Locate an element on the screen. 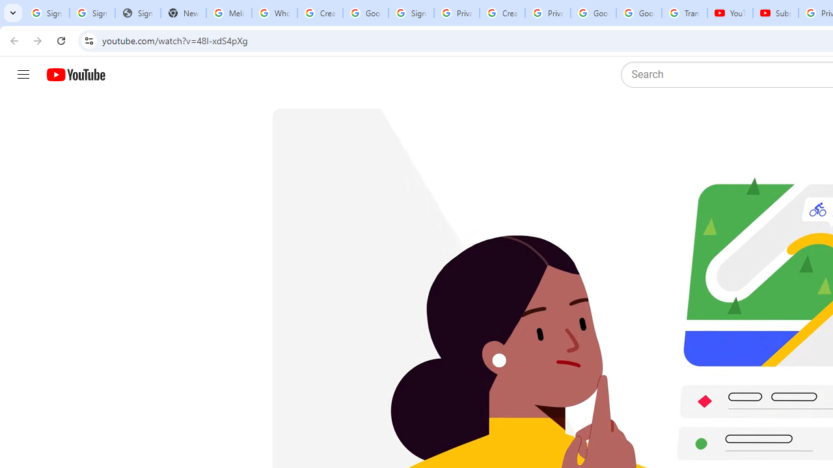 The image size is (833, 468). 'Who is my administrator? - Google Account Help' is located at coordinates (273, 13).